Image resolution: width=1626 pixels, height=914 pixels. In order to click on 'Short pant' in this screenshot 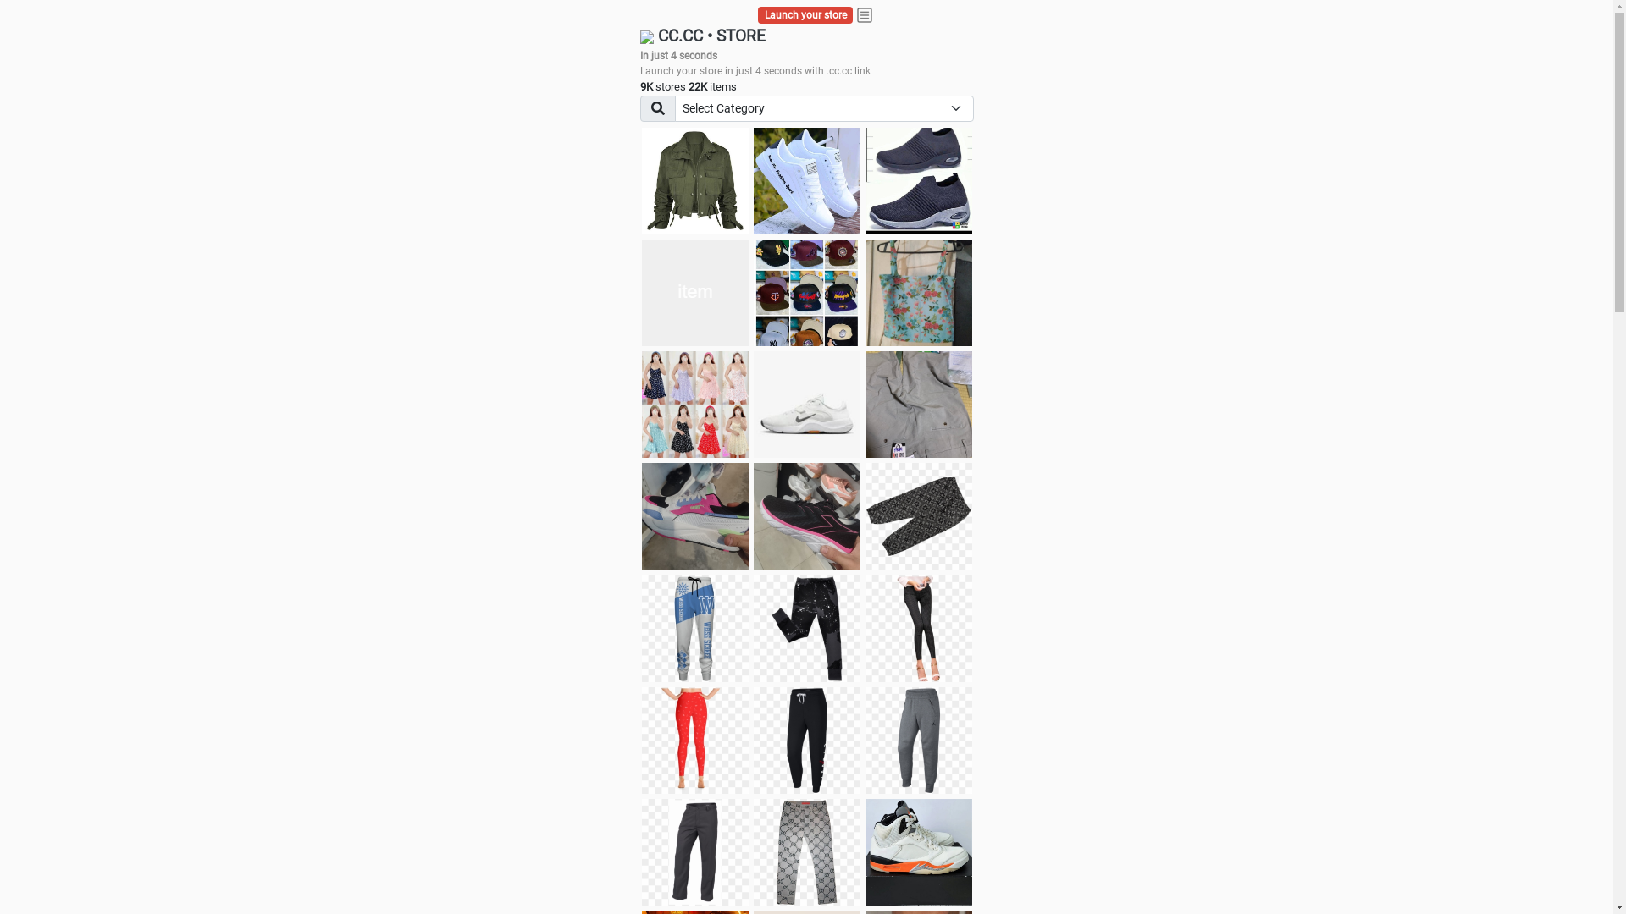, I will do `click(917, 515)`.